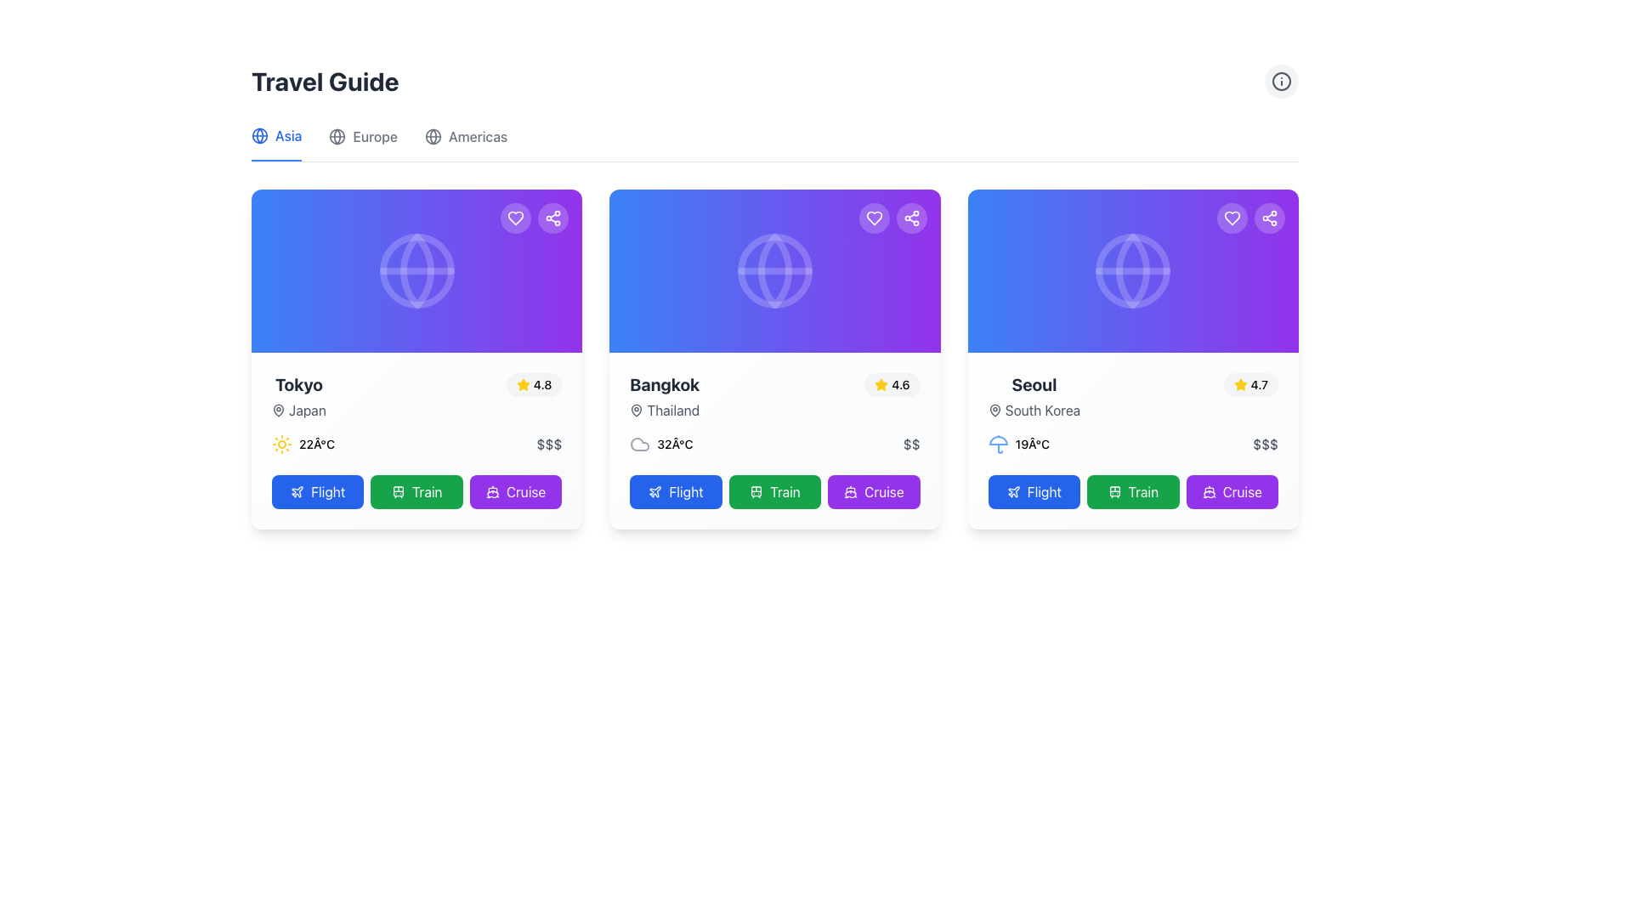  I want to click on the heart-shaped button in the top-right corner of the second card, so click(874, 218).